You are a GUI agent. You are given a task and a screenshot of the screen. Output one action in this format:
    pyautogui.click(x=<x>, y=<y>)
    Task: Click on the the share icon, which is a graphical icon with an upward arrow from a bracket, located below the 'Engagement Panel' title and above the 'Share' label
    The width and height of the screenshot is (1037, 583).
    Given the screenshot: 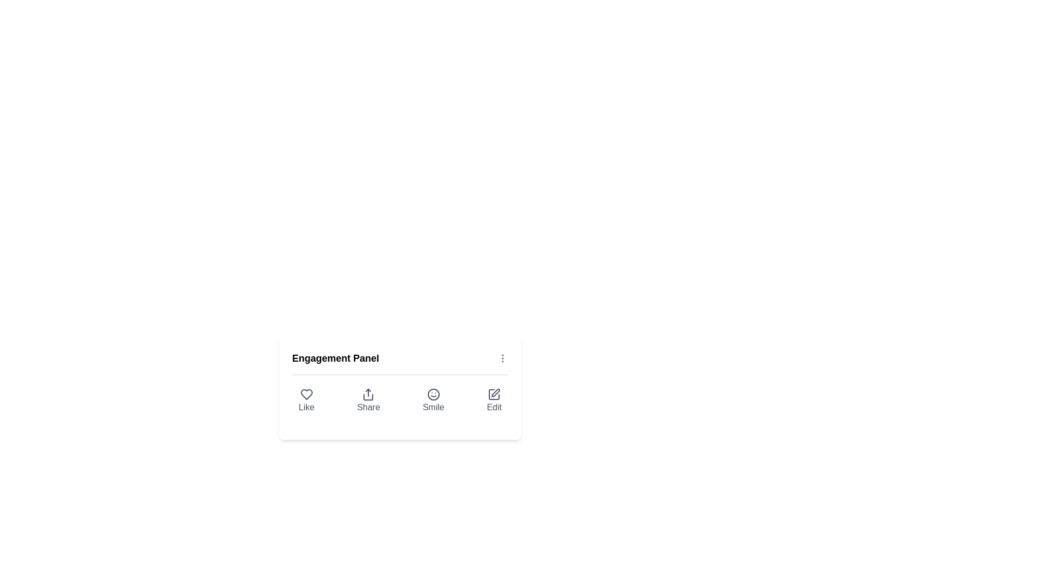 What is the action you would take?
    pyautogui.click(x=368, y=395)
    